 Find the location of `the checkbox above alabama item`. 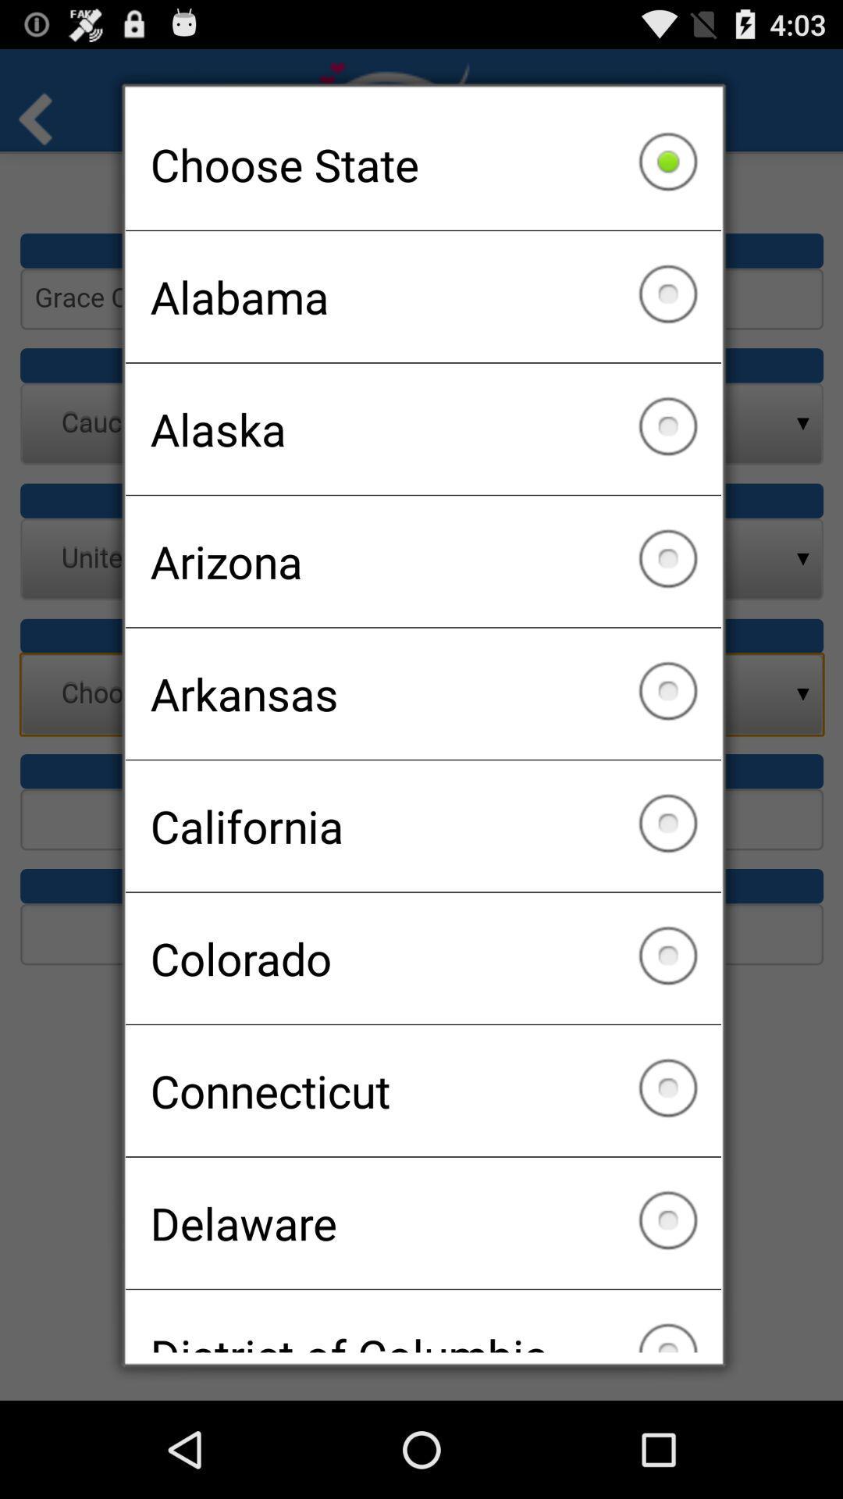

the checkbox above alabama item is located at coordinates (423, 164).